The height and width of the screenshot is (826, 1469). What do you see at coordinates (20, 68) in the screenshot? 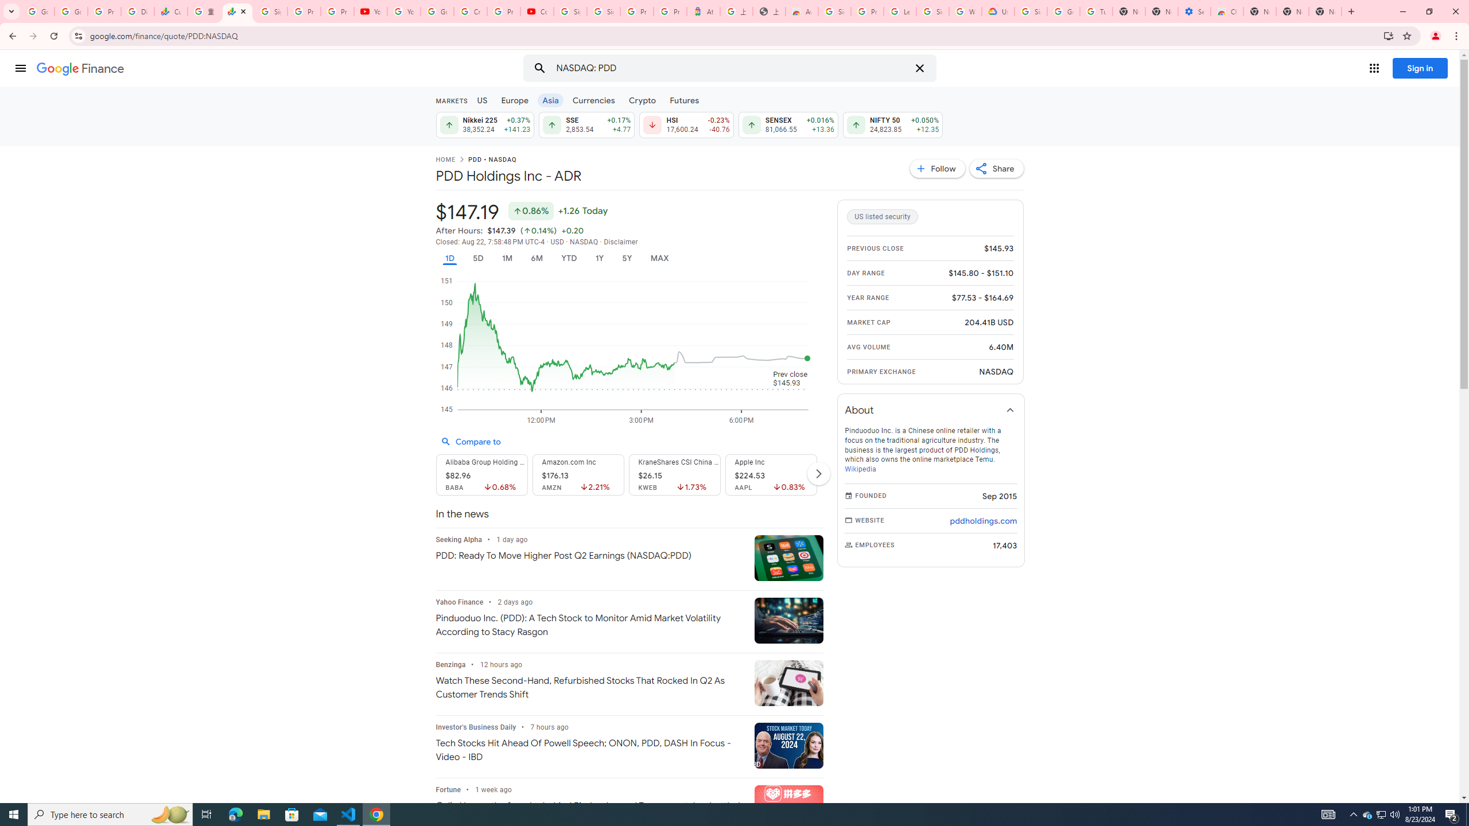
I see `'Main menu'` at bounding box center [20, 68].